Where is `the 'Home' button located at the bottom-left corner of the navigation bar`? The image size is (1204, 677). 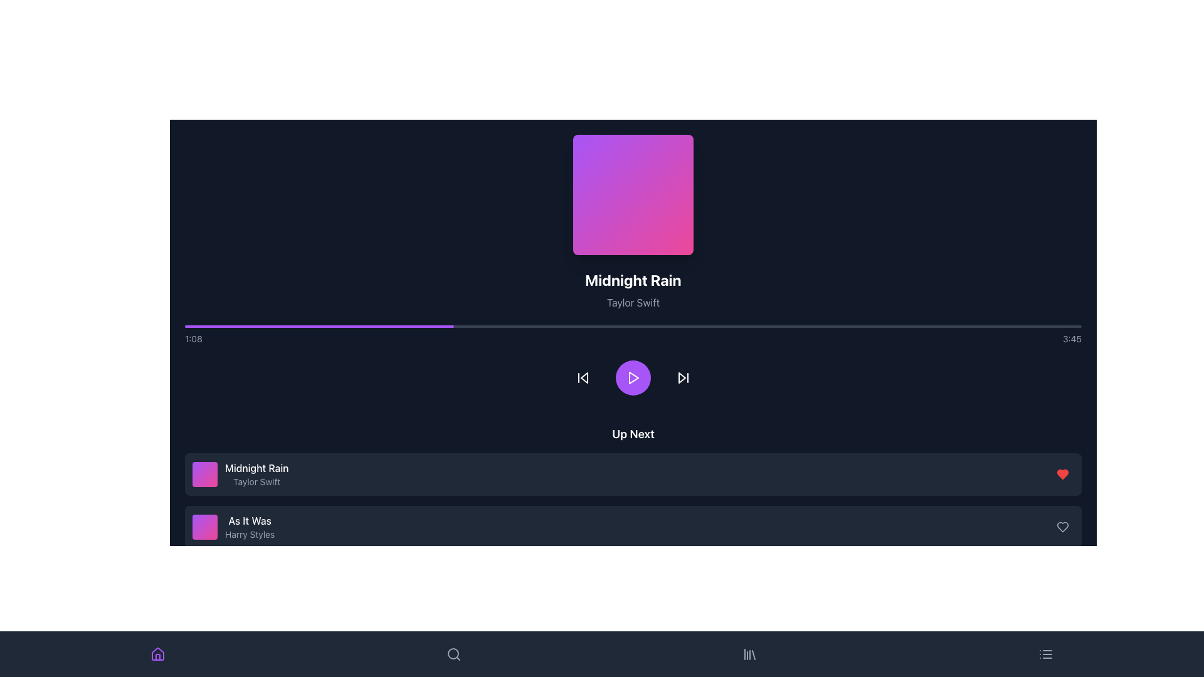 the 'Home' button located at the bottom-left corner of the navigation bar is located at coordinates (157, 654).